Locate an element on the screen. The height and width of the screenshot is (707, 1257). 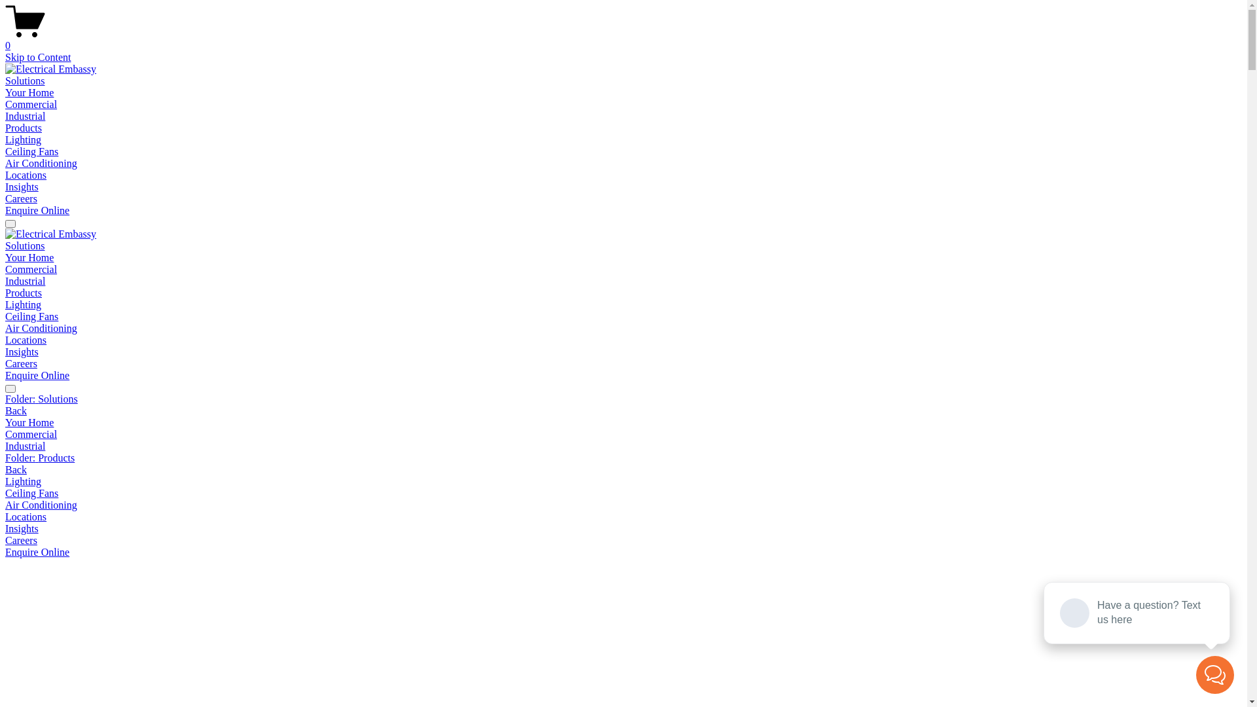
'Ceiling Fans' is located at coordinates (5, 493).